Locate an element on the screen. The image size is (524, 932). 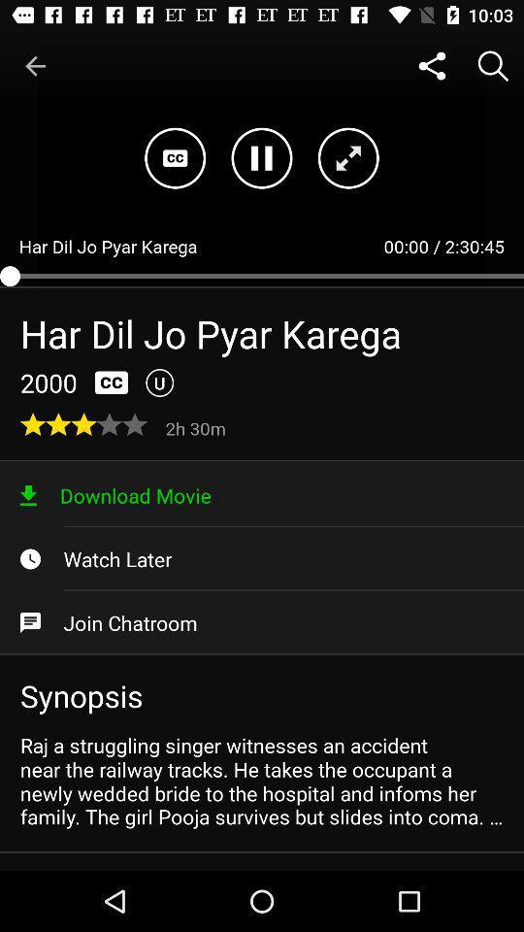
the pause icon is located at coordinates (262, 157).